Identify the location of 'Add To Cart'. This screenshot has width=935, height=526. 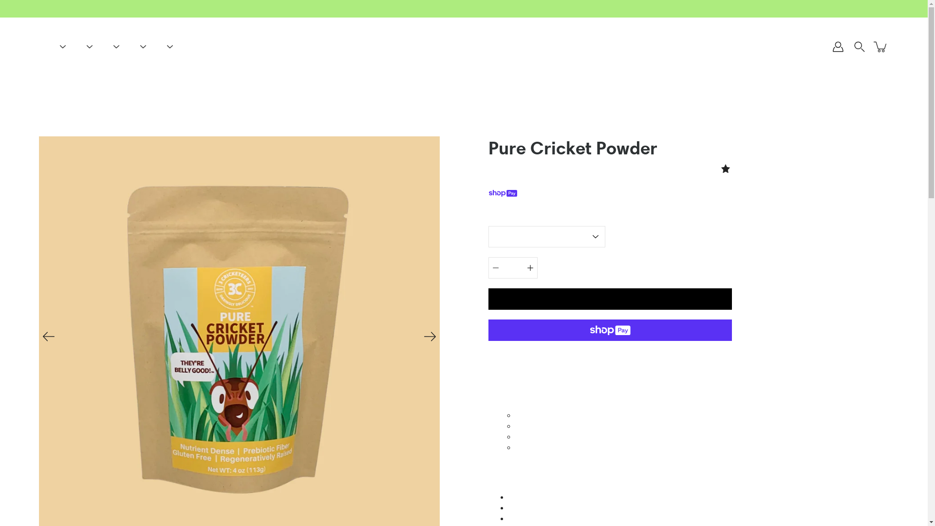
(609, 298).